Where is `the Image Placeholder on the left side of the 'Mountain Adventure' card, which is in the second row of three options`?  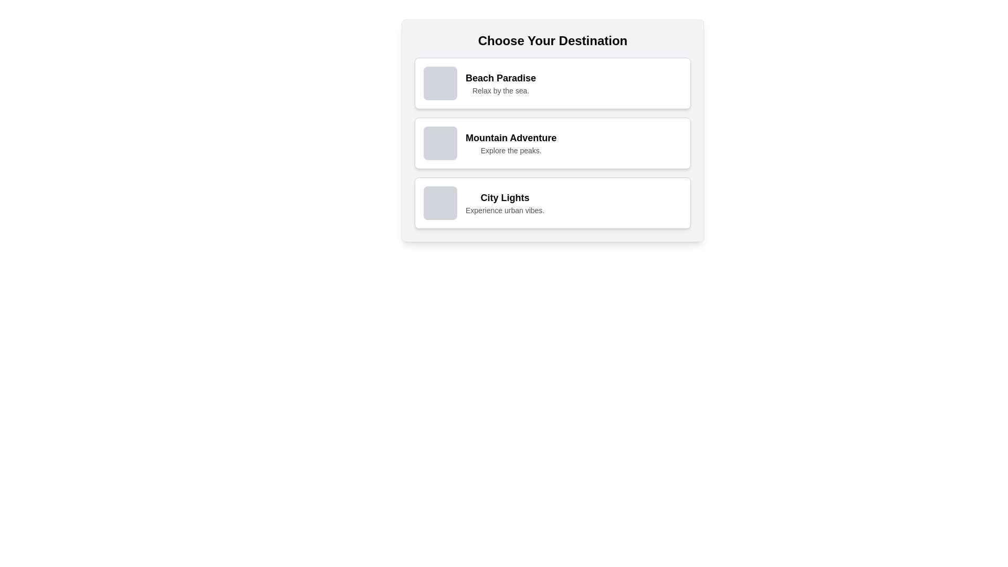 the Image Placeholder on the left side of the 'Mountain Adventure' card, which is in the second row of three options is located at coordinates (440, 143).